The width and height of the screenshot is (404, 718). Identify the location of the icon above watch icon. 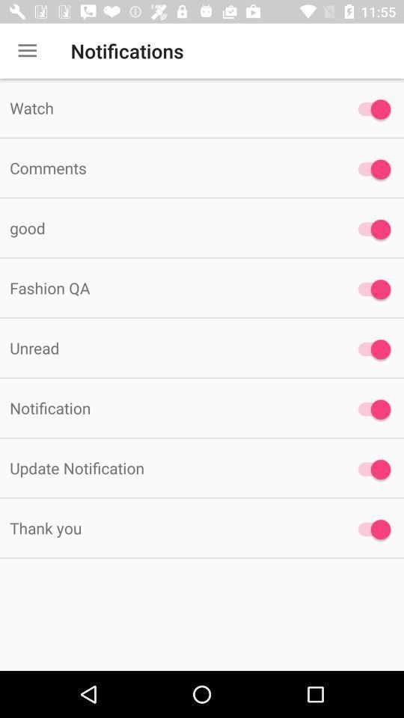
(27, 51).